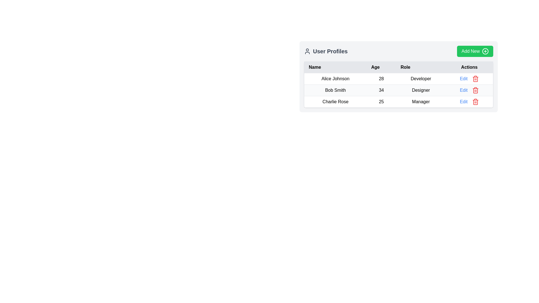  I want to click on the static text label containing the word 'Manager' in the 'Role' column of the 'User Profiles' user interface, which is adjacent to 'Charlie Rose' in the 'Name' column, so click(421, 102).